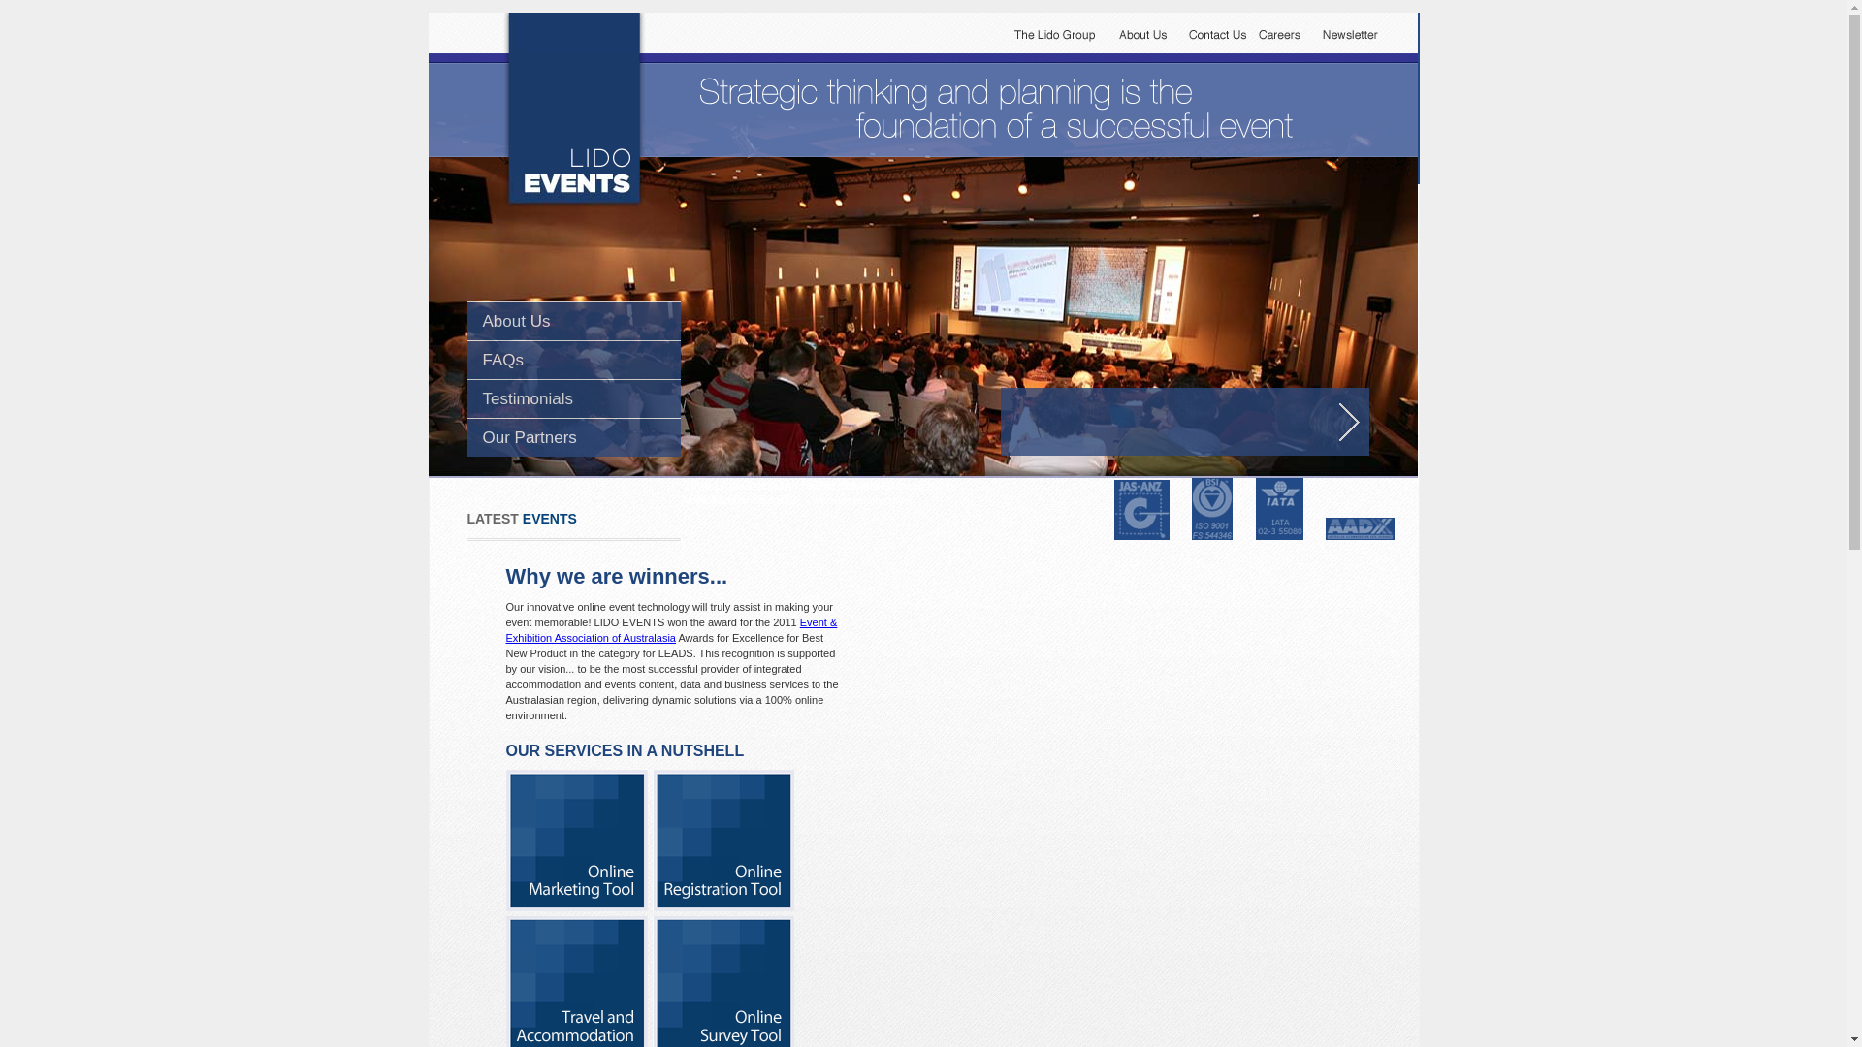  Describe the element at coordinates (671, 630) in the screenshot. I see `'Event & Exhibition Association of Australasia'` at that location.